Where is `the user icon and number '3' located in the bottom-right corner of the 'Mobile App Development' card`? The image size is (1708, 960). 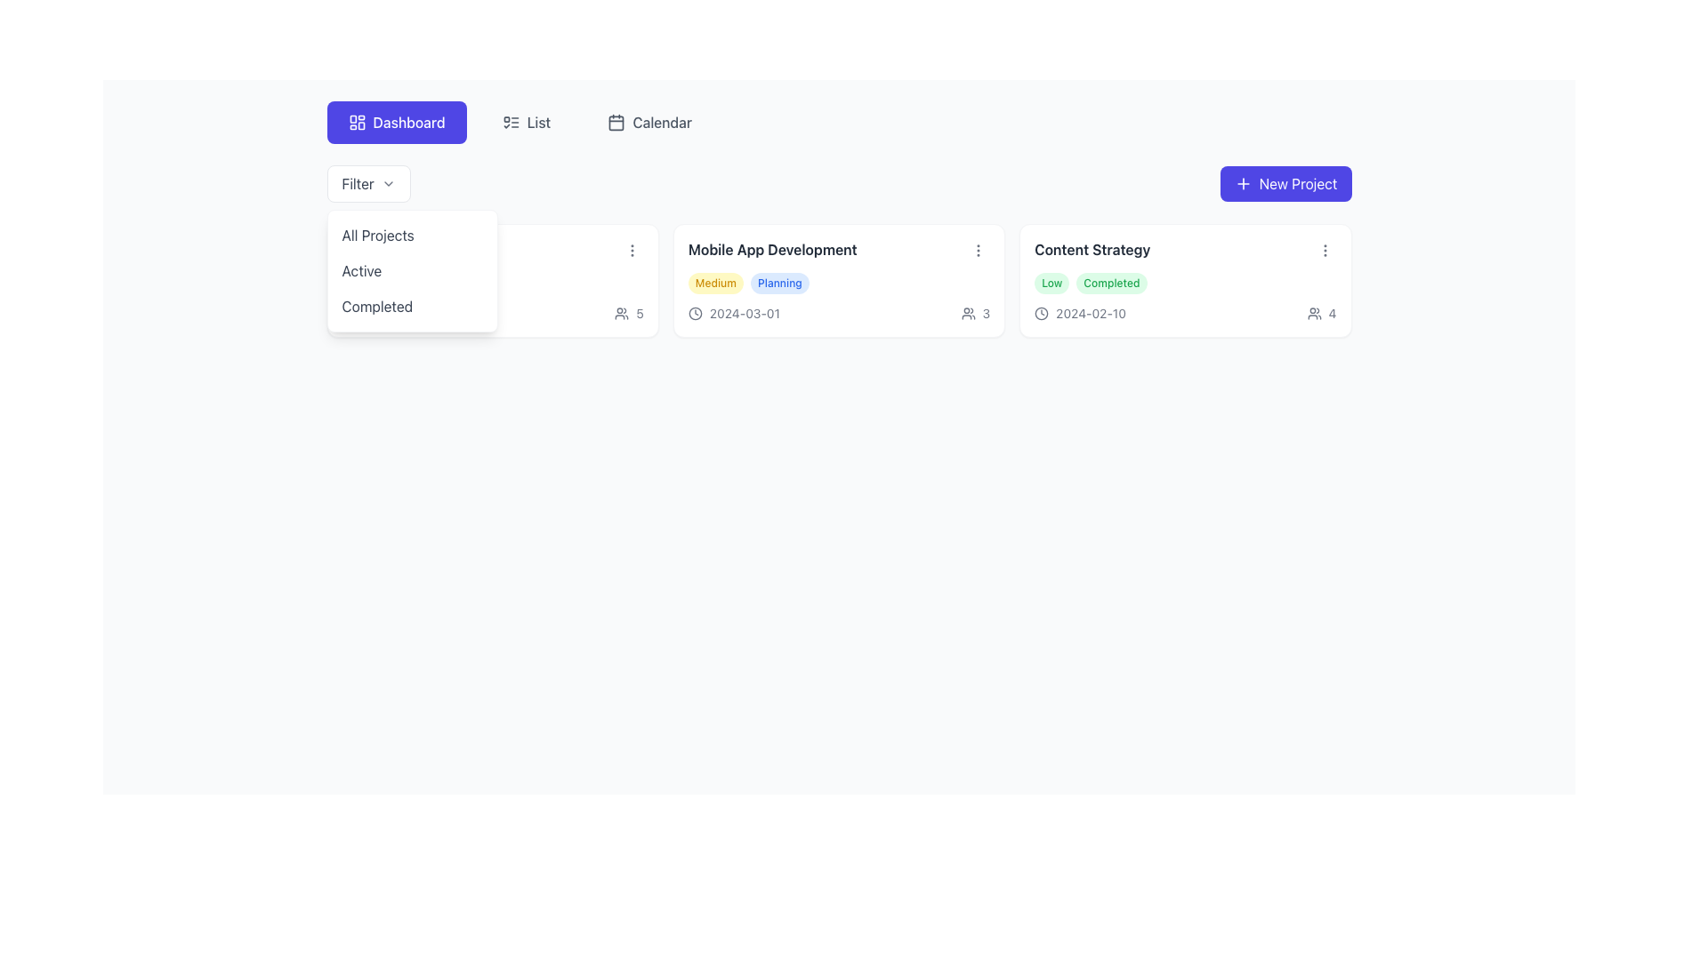 the user icon and number '3' located in the bottom-right corner of the 'Mobile App Development' card is located at coordinates (974, 313).